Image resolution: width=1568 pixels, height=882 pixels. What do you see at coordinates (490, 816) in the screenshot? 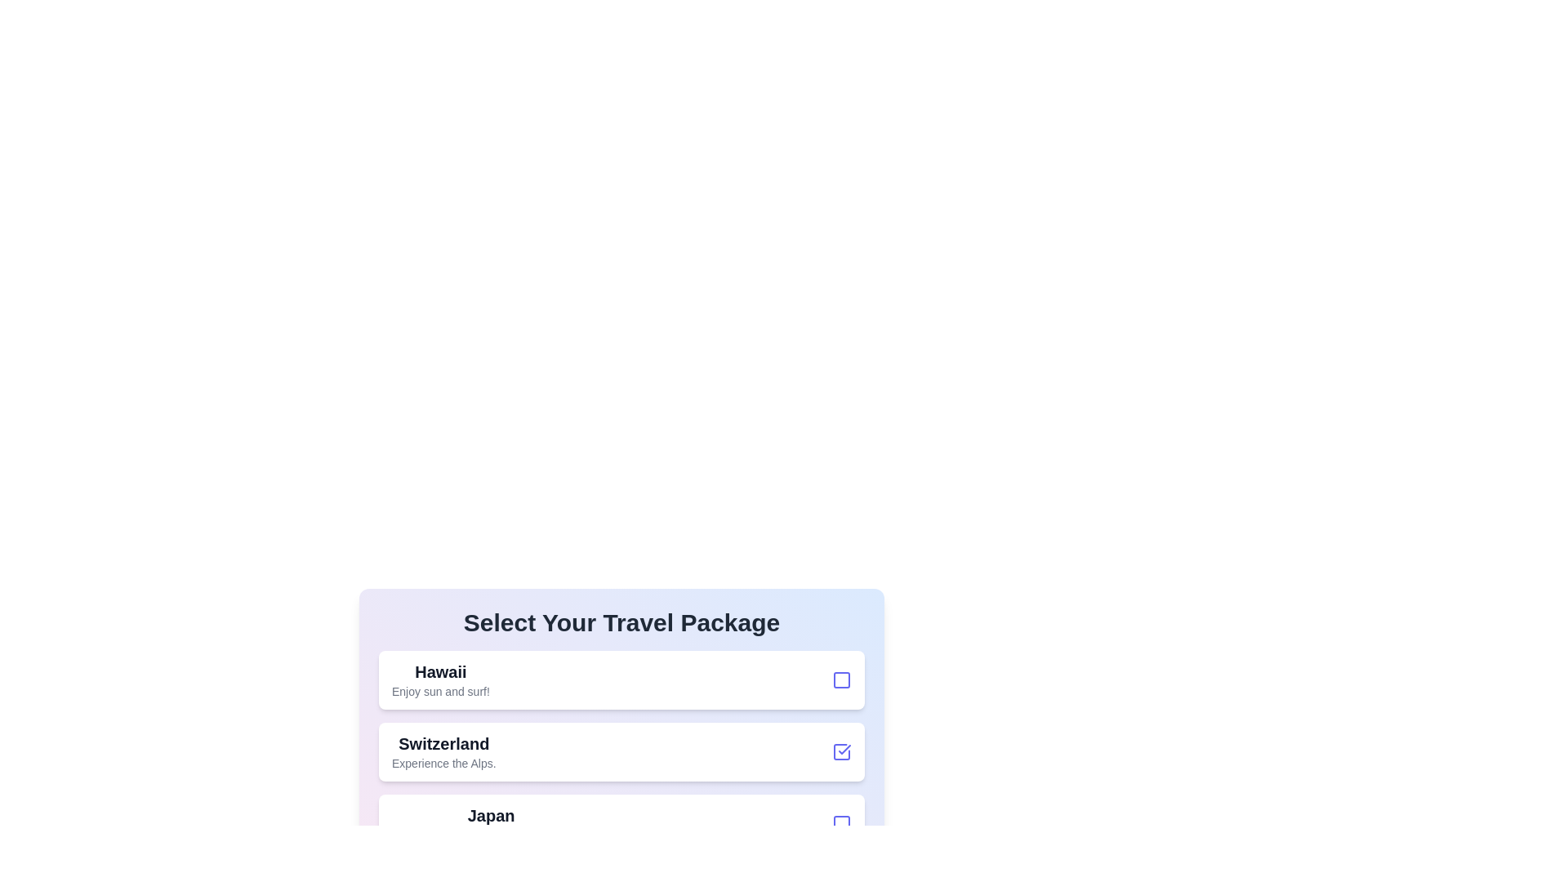
I see `the text of the travel package Japan to select it` at bounding box center [490, 816].